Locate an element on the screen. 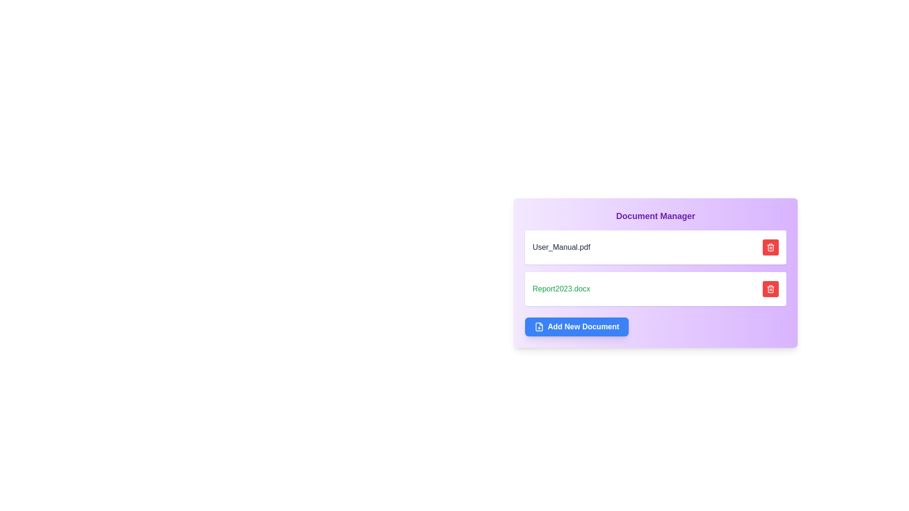 Image resolution: width=909 pixels, height=511 pixels. the button located in the top-right segment of the first document entry row is located at coordinates (752, 247).